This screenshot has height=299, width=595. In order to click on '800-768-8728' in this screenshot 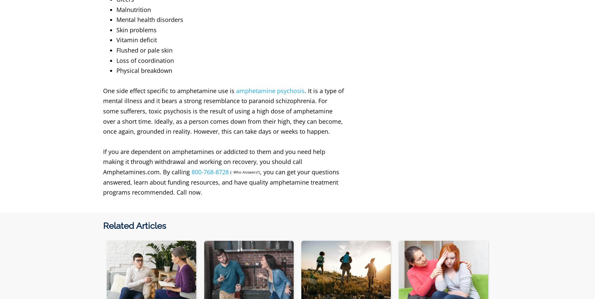, I will do `click(191, 172)`.